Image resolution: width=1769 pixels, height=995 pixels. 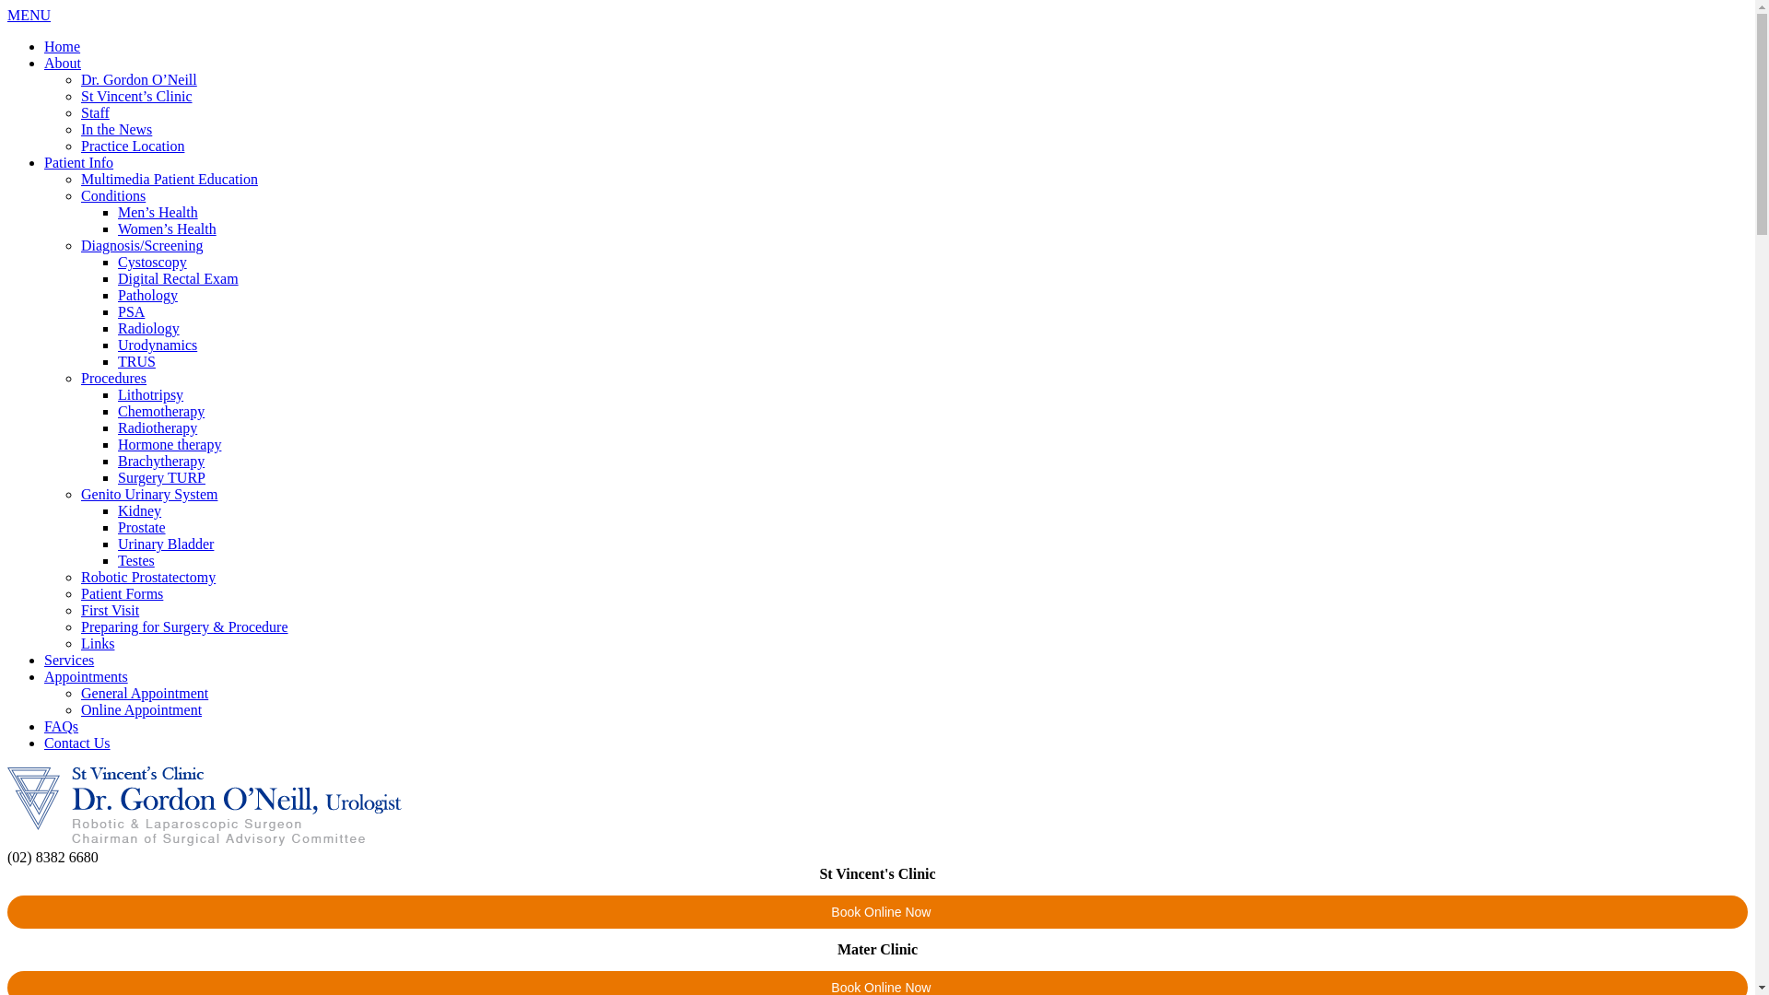 I want to click on 'PSA', so click(x=130, y=310).